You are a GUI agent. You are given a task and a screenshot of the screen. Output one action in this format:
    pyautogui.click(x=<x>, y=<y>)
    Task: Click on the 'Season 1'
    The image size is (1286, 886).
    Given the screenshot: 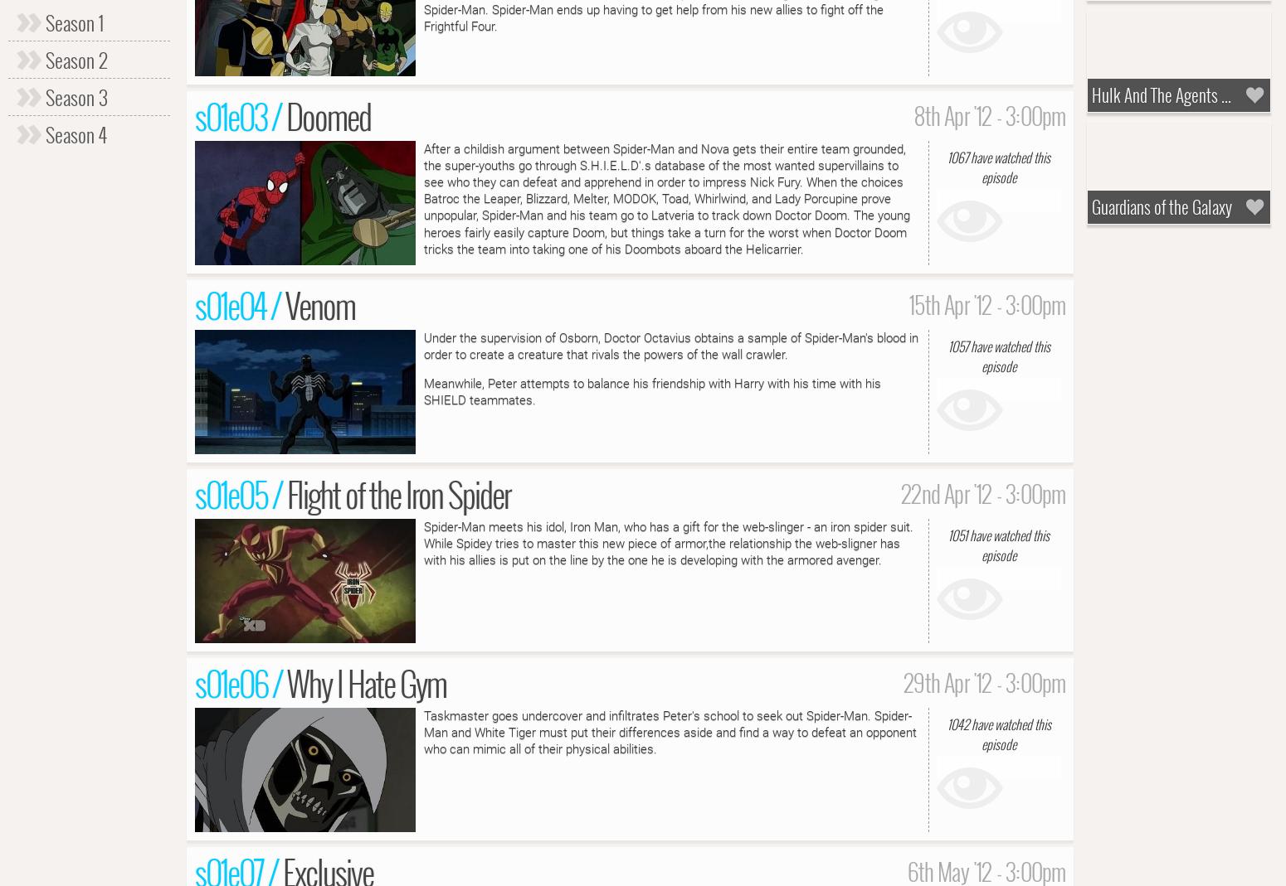 What is the action you would take?
    pyautogui.click(x=72, y=22)
    